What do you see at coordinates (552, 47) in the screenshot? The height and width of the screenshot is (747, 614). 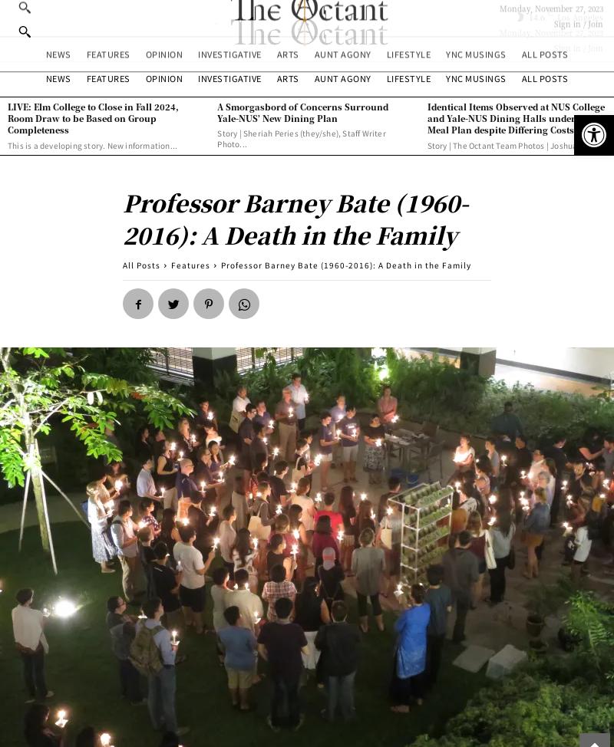 I see `'Sign in / Join'` at bounding box center [552, 47].